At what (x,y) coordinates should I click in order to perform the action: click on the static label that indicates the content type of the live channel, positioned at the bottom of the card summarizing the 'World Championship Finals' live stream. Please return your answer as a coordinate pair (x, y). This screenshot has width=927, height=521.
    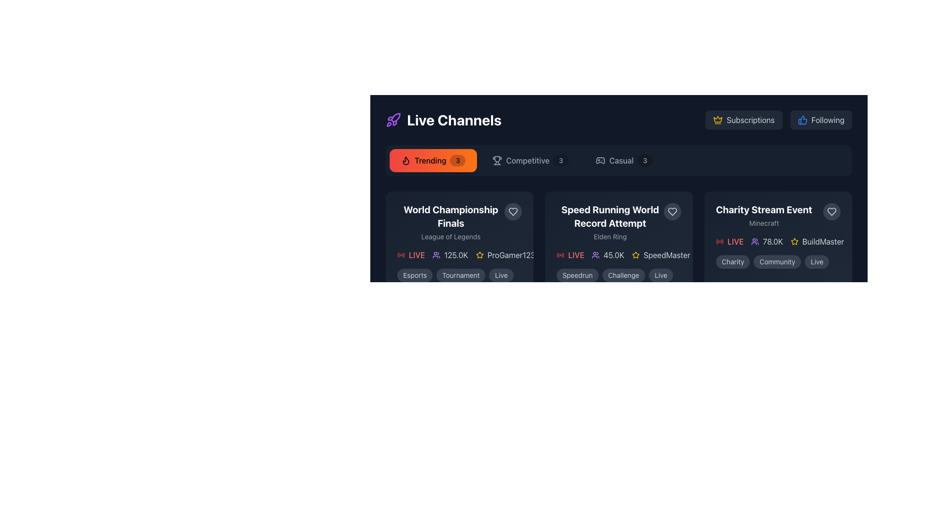
    Looking at the image, I should click on (459, 275).